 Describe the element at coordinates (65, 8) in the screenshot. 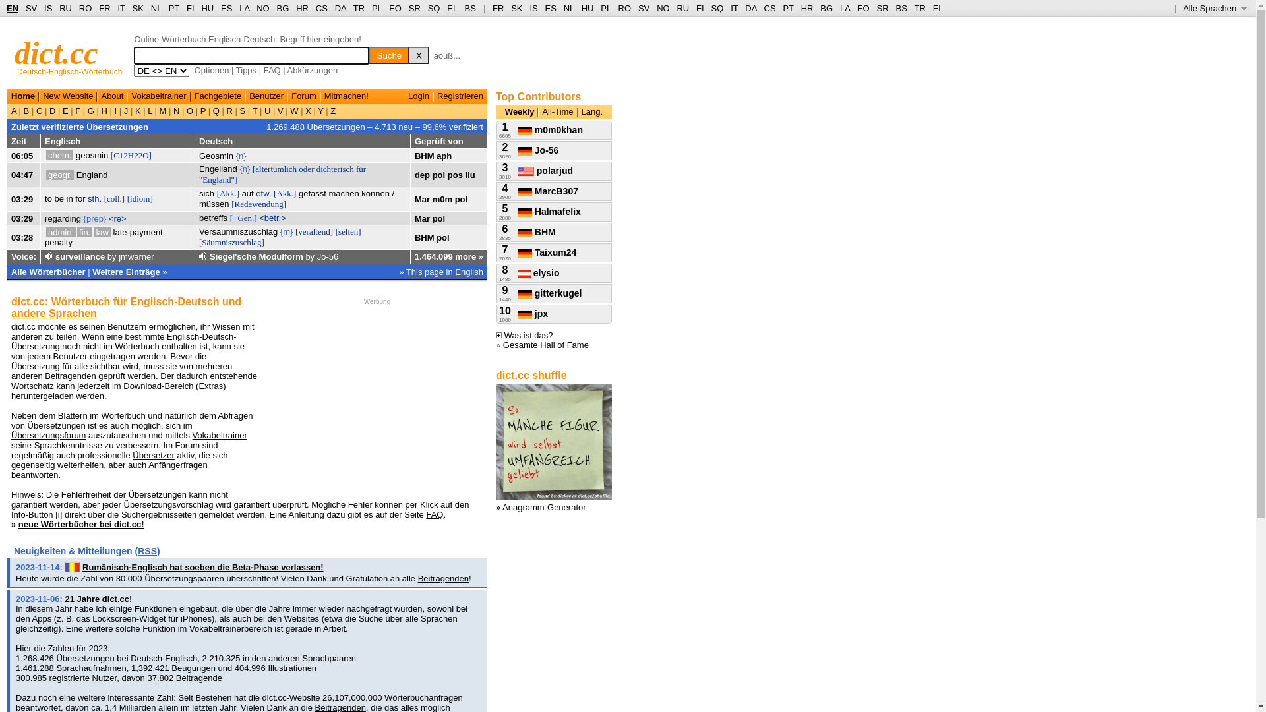

I see `'RU'` at that location.